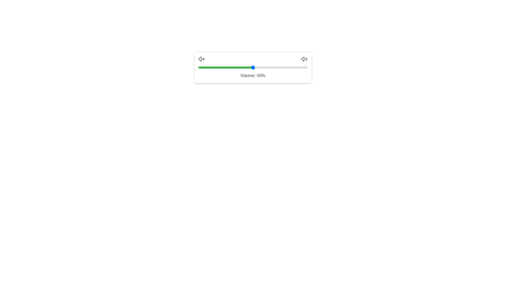 This screenshot has height=285, width=506. Describe the element at coordinates (304, 59) in the screenshot. I see `the speaker icon located at the rightmost end of the horizontal bar, which is styled with thin strokes and light gray color, accompanied by sound waves` at that location.